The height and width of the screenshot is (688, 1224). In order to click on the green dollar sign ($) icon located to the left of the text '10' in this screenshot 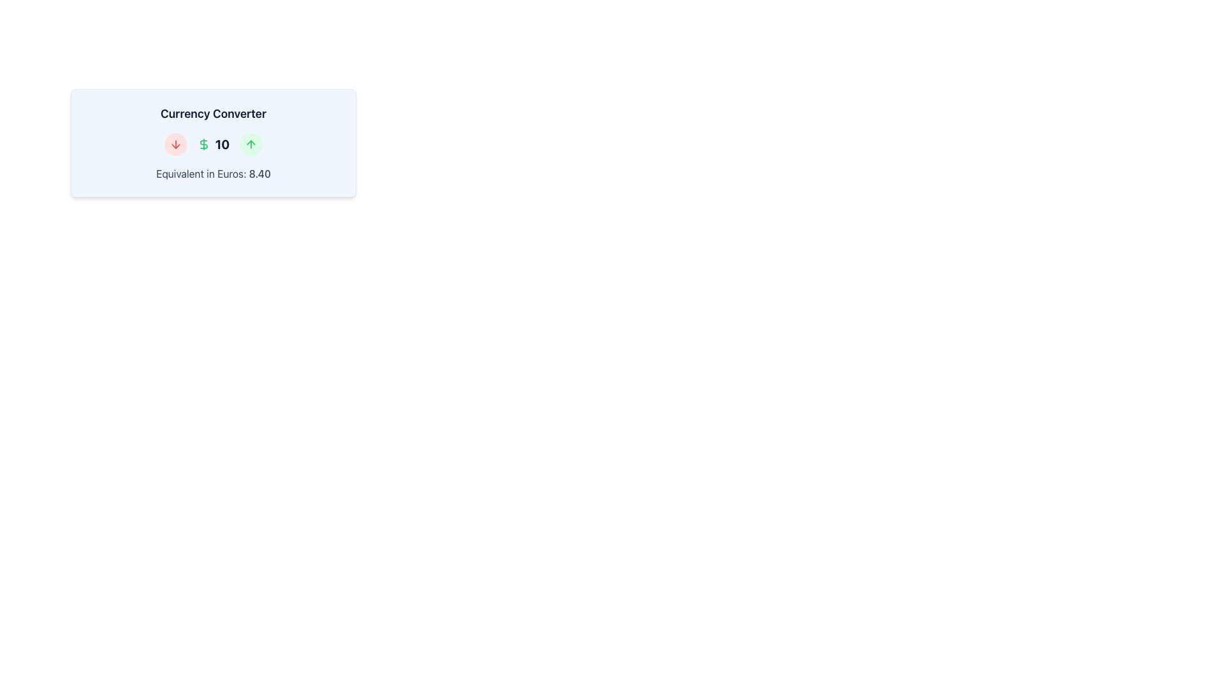, I will do `click(203, 144)`.